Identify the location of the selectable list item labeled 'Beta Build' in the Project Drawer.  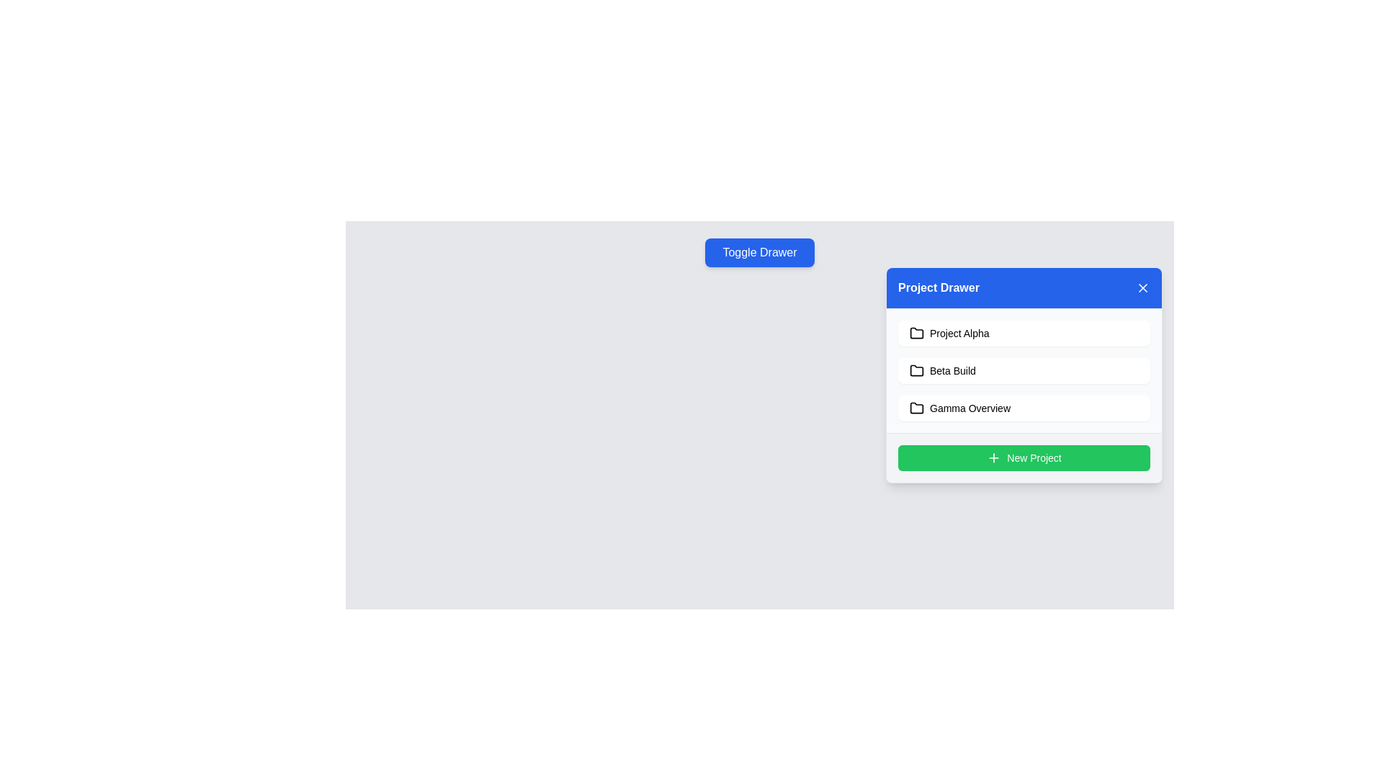
(1023, 370).